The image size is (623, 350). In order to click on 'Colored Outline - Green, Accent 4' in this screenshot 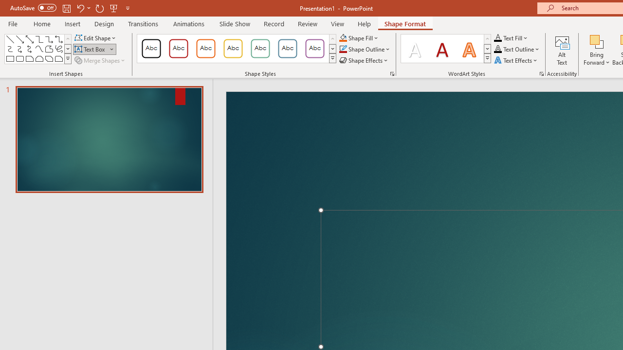, I will do `click(260, 49)`.